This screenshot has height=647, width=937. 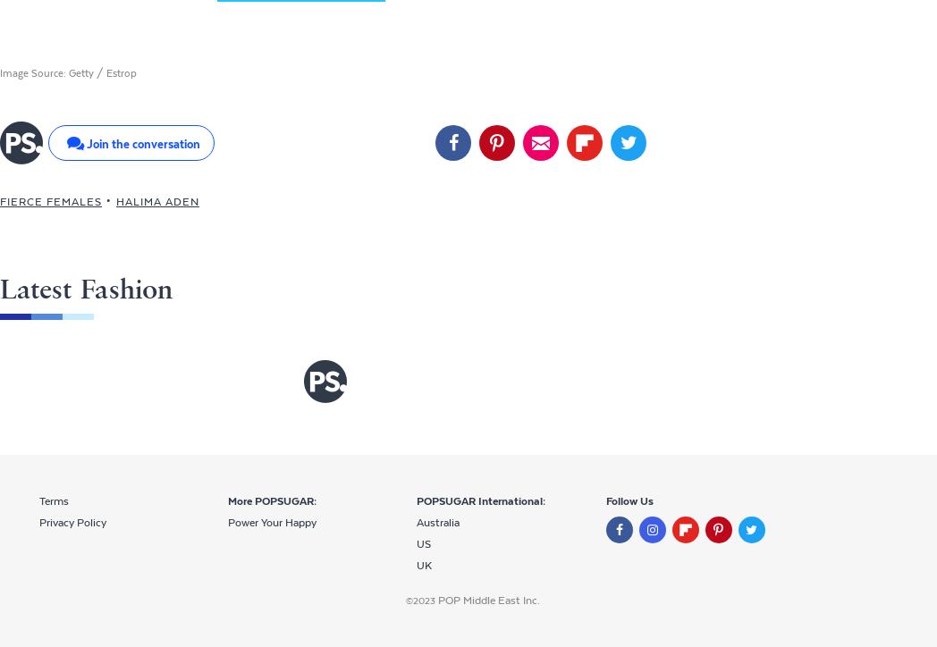 I want to click on 'Follow Us', so click(x=628, y=501).